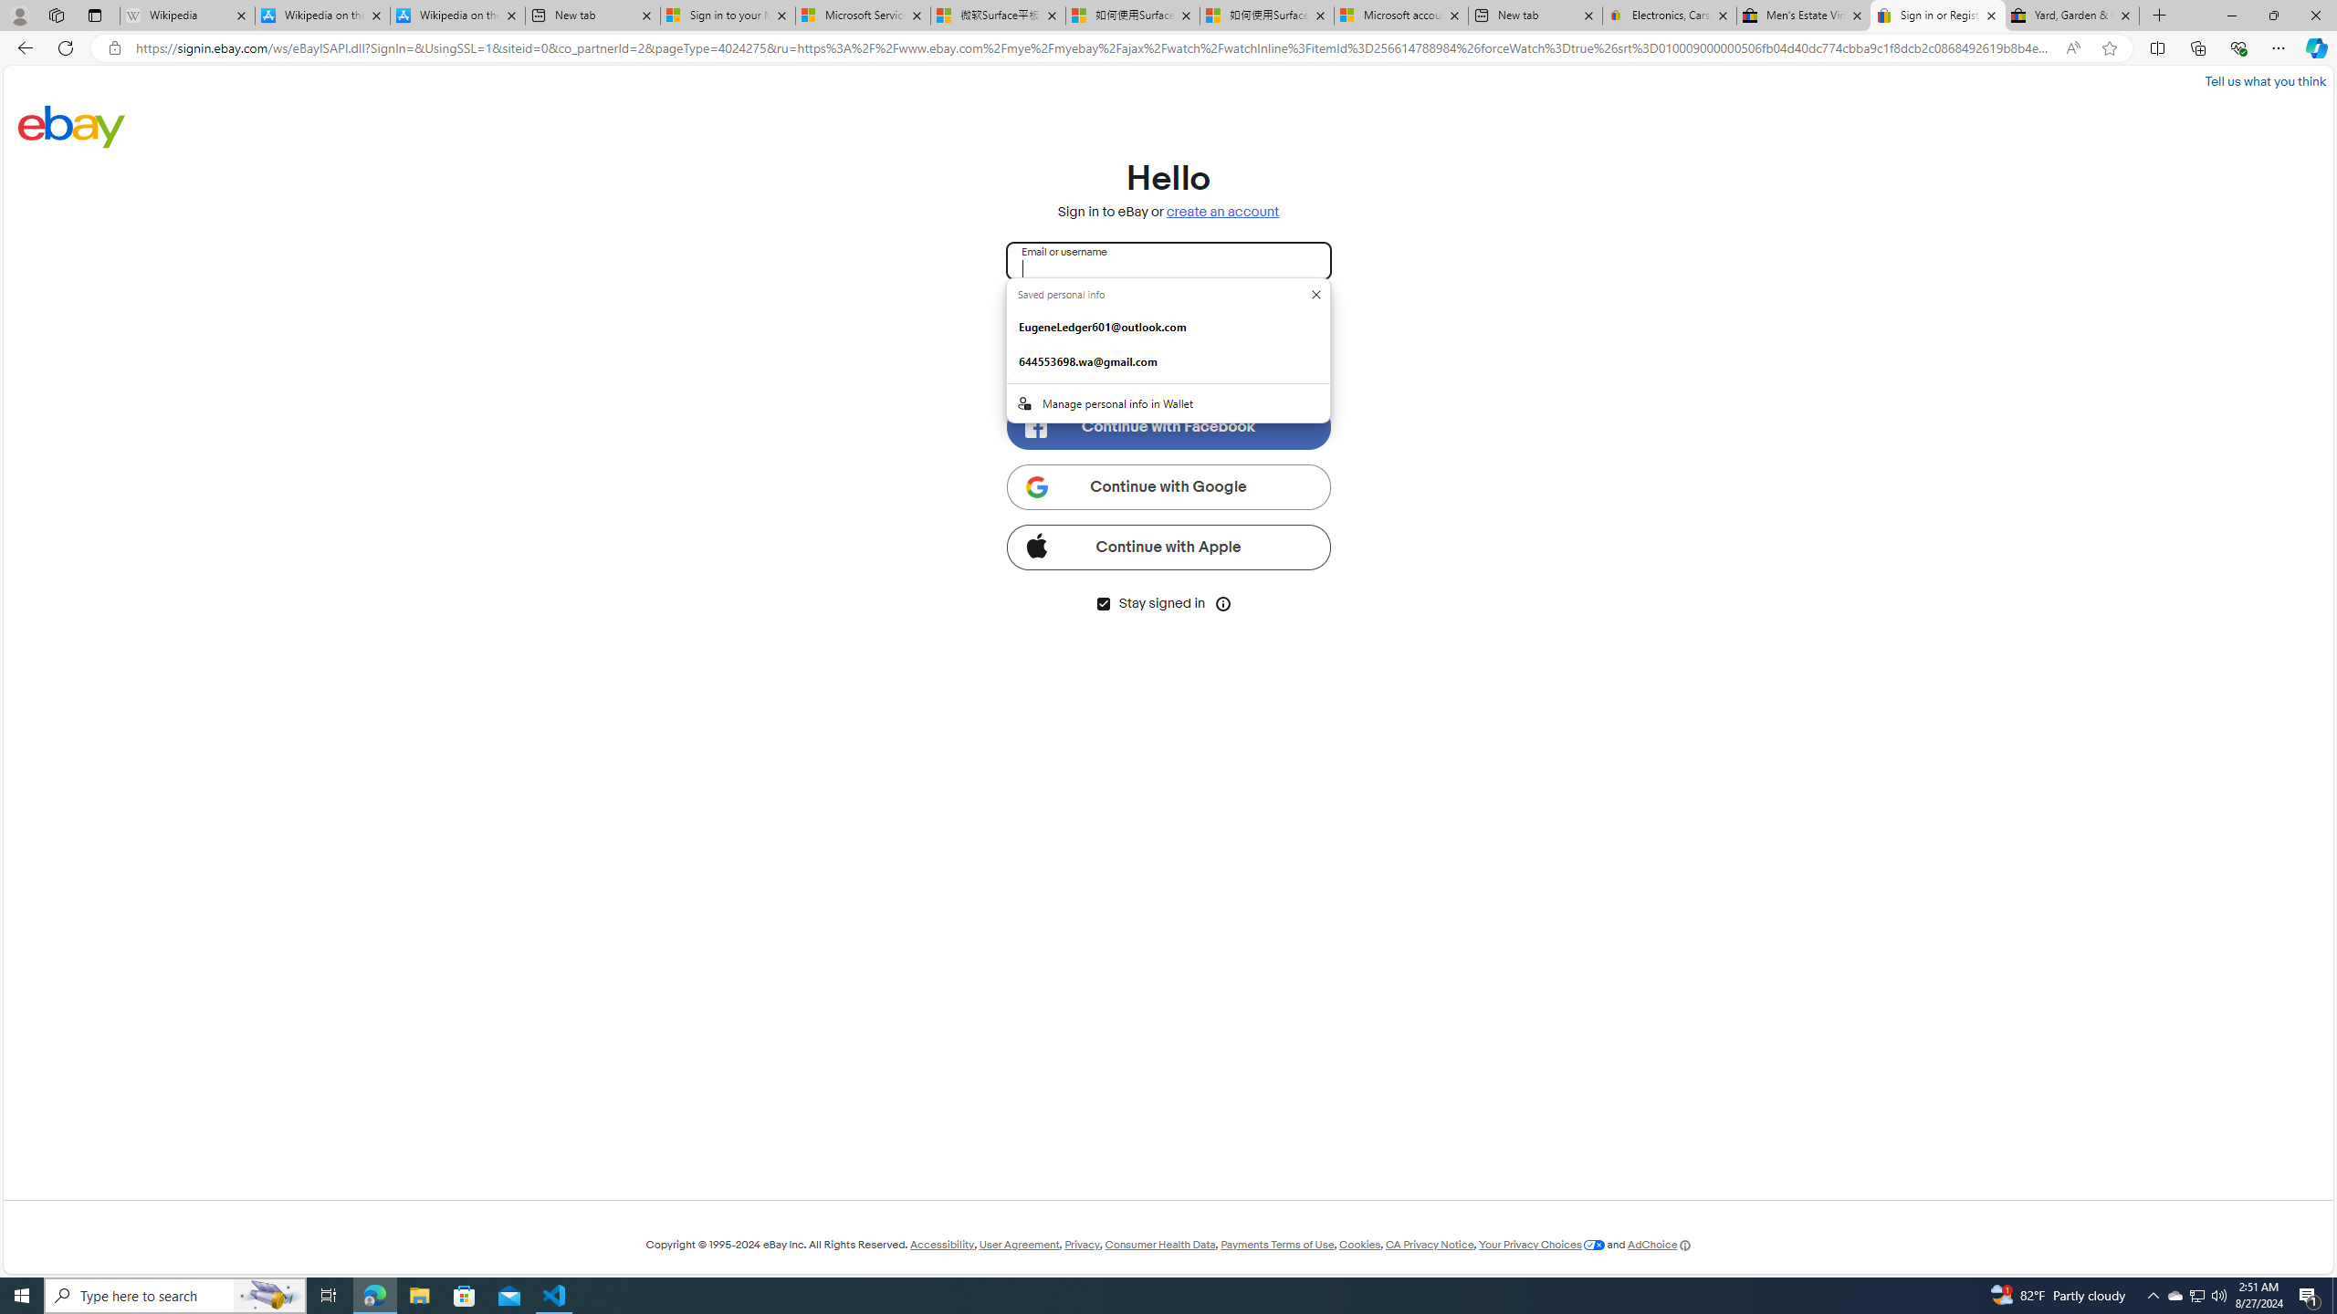 The height and width of the screenshot is (1314, 2337). Describe the element at coordinates (1276, 1244) in the screenshot. I see `'Payments Terms of Use'` at that location.